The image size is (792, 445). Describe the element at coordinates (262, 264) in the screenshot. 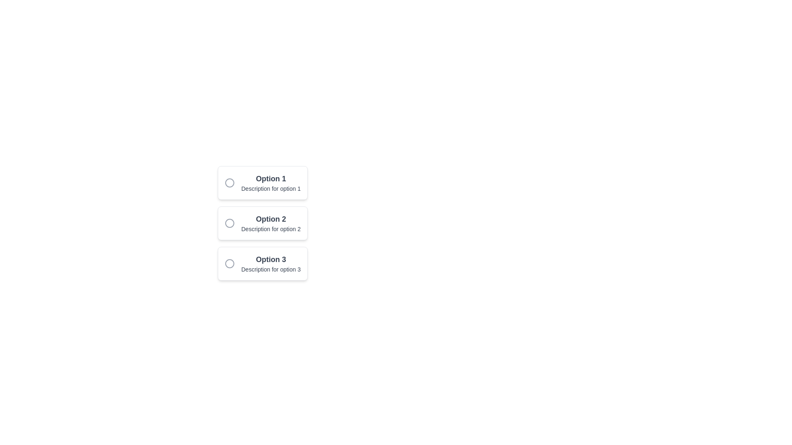

I see `the radio button for 'Option 3'` at that location.